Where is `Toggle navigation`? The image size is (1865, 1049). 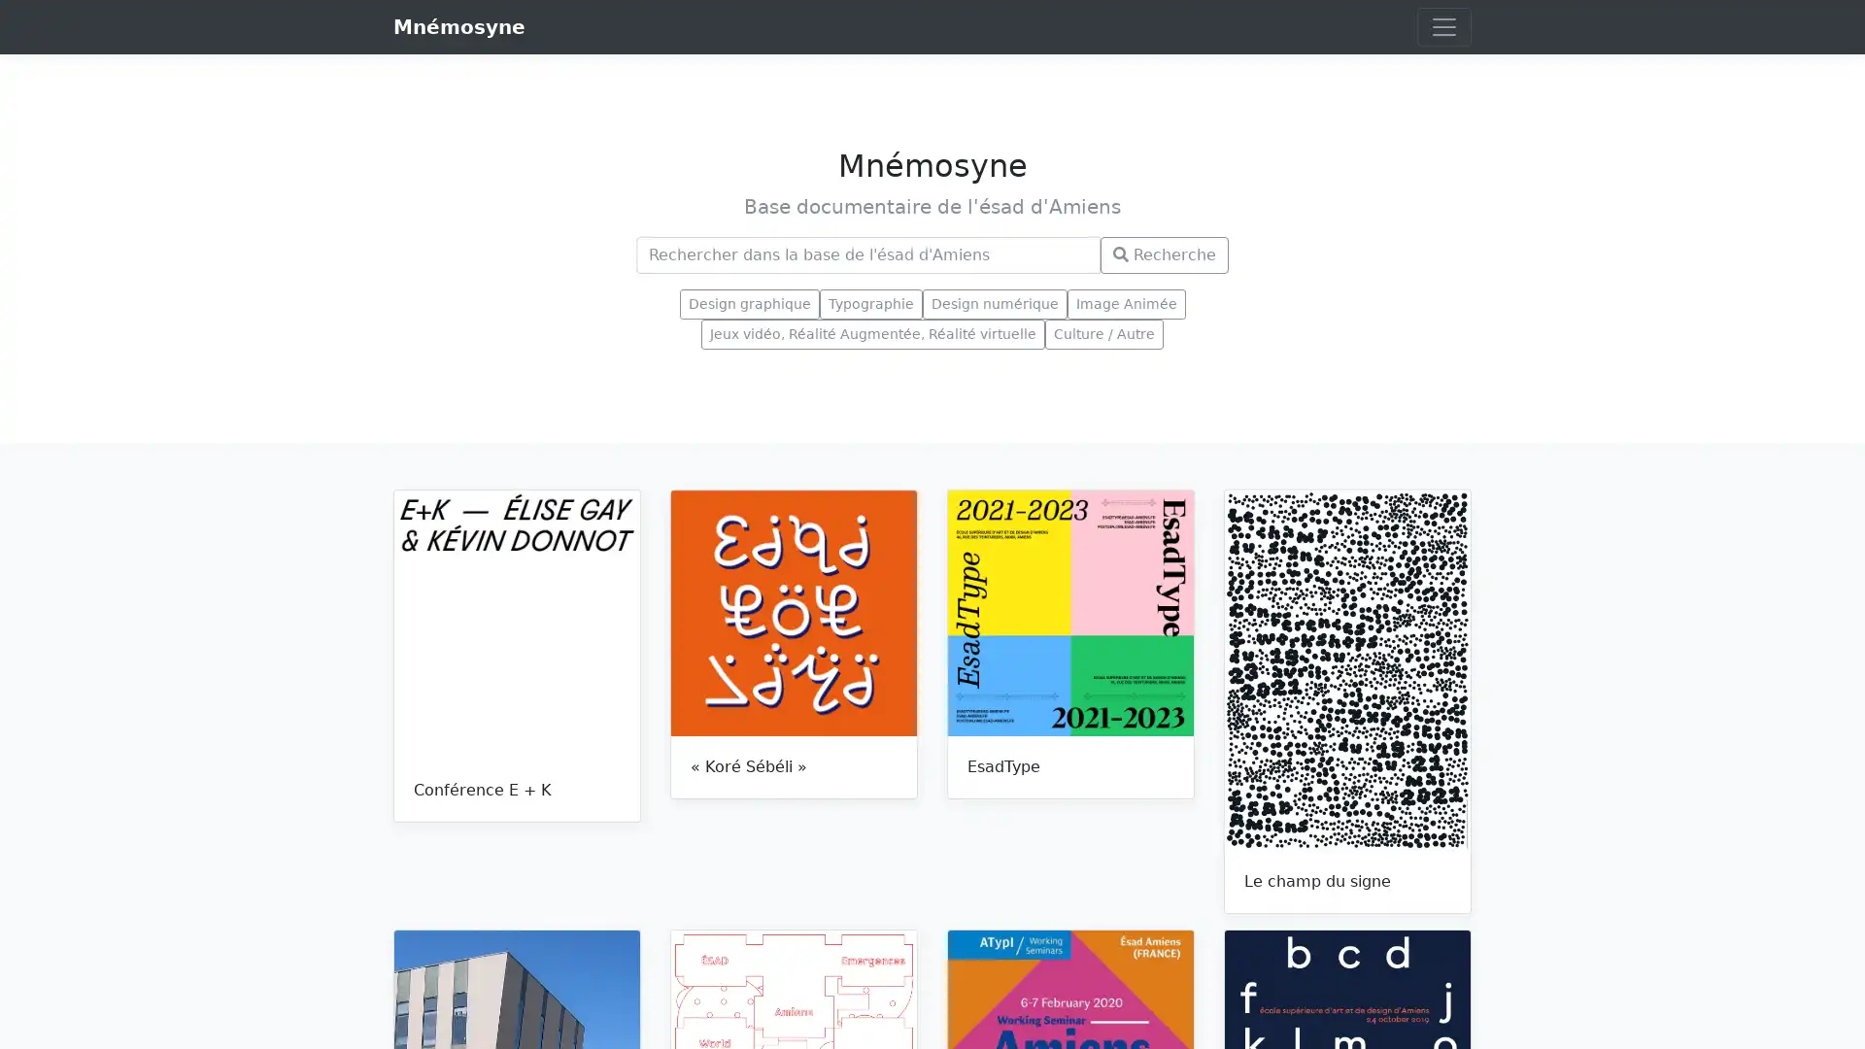 Toggle navigation is located at coordinates (1444, 26).